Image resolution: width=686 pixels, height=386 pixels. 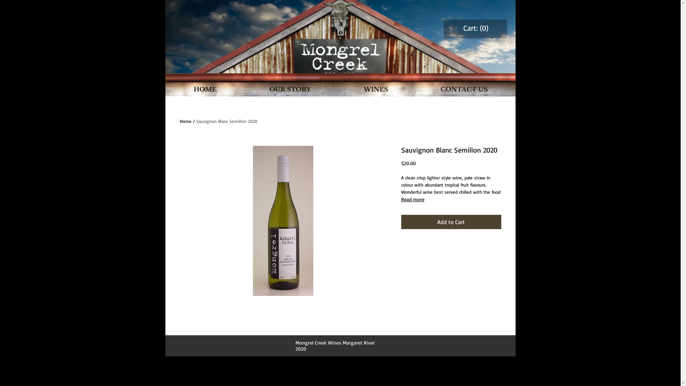 What do you see at coordinates (451, 222) in the screenshot?
I see `'Add to Cart'` at bounding box center [451, 222].